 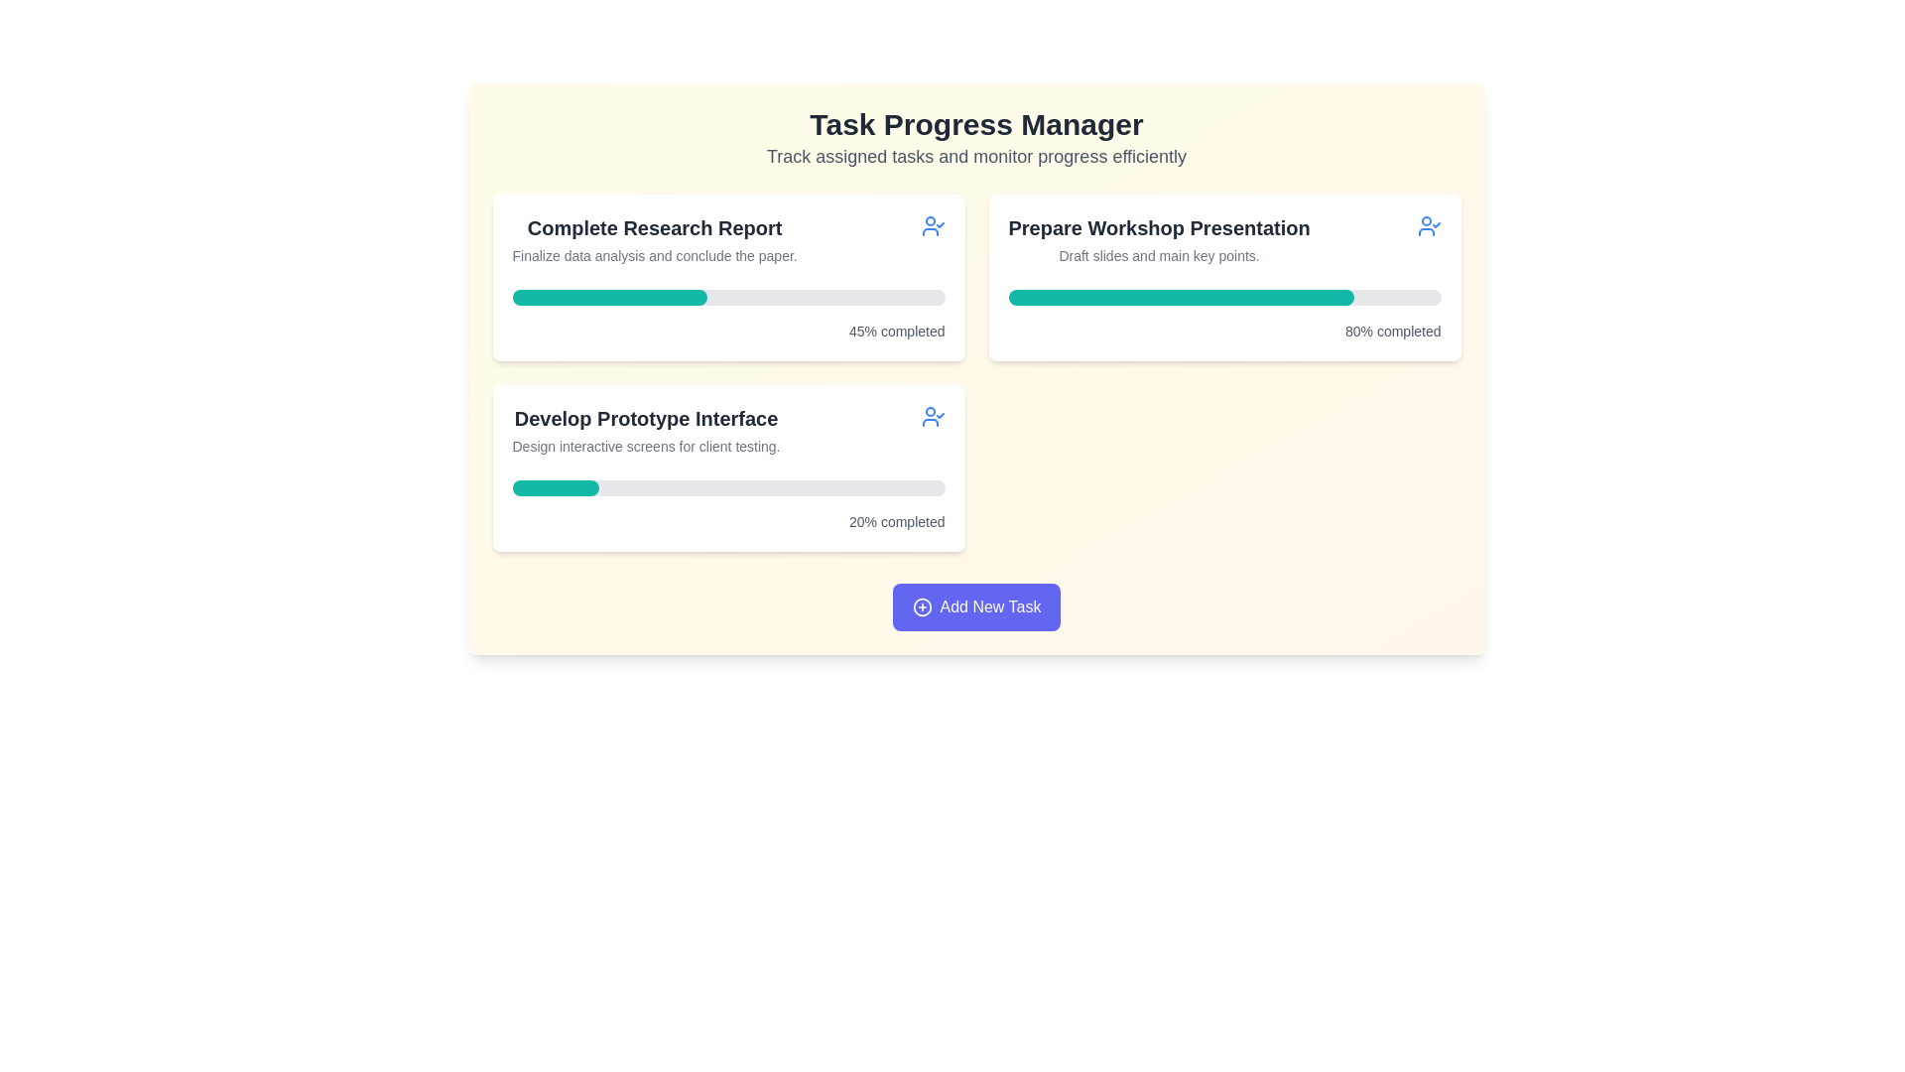 I want to click on title text element located at the top of the bottom-left card, which serves as an overview for the task represented by the card, so click(x=646, y=417).